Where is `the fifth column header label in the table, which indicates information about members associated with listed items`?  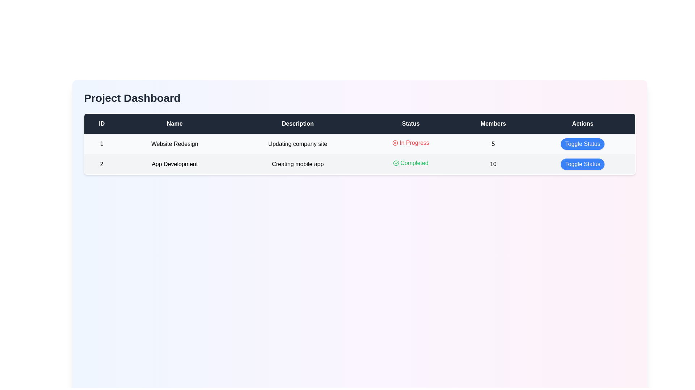
the fifth column header label in the table, which indicates information about members associated with listed items is located at coordinates (493, 123).